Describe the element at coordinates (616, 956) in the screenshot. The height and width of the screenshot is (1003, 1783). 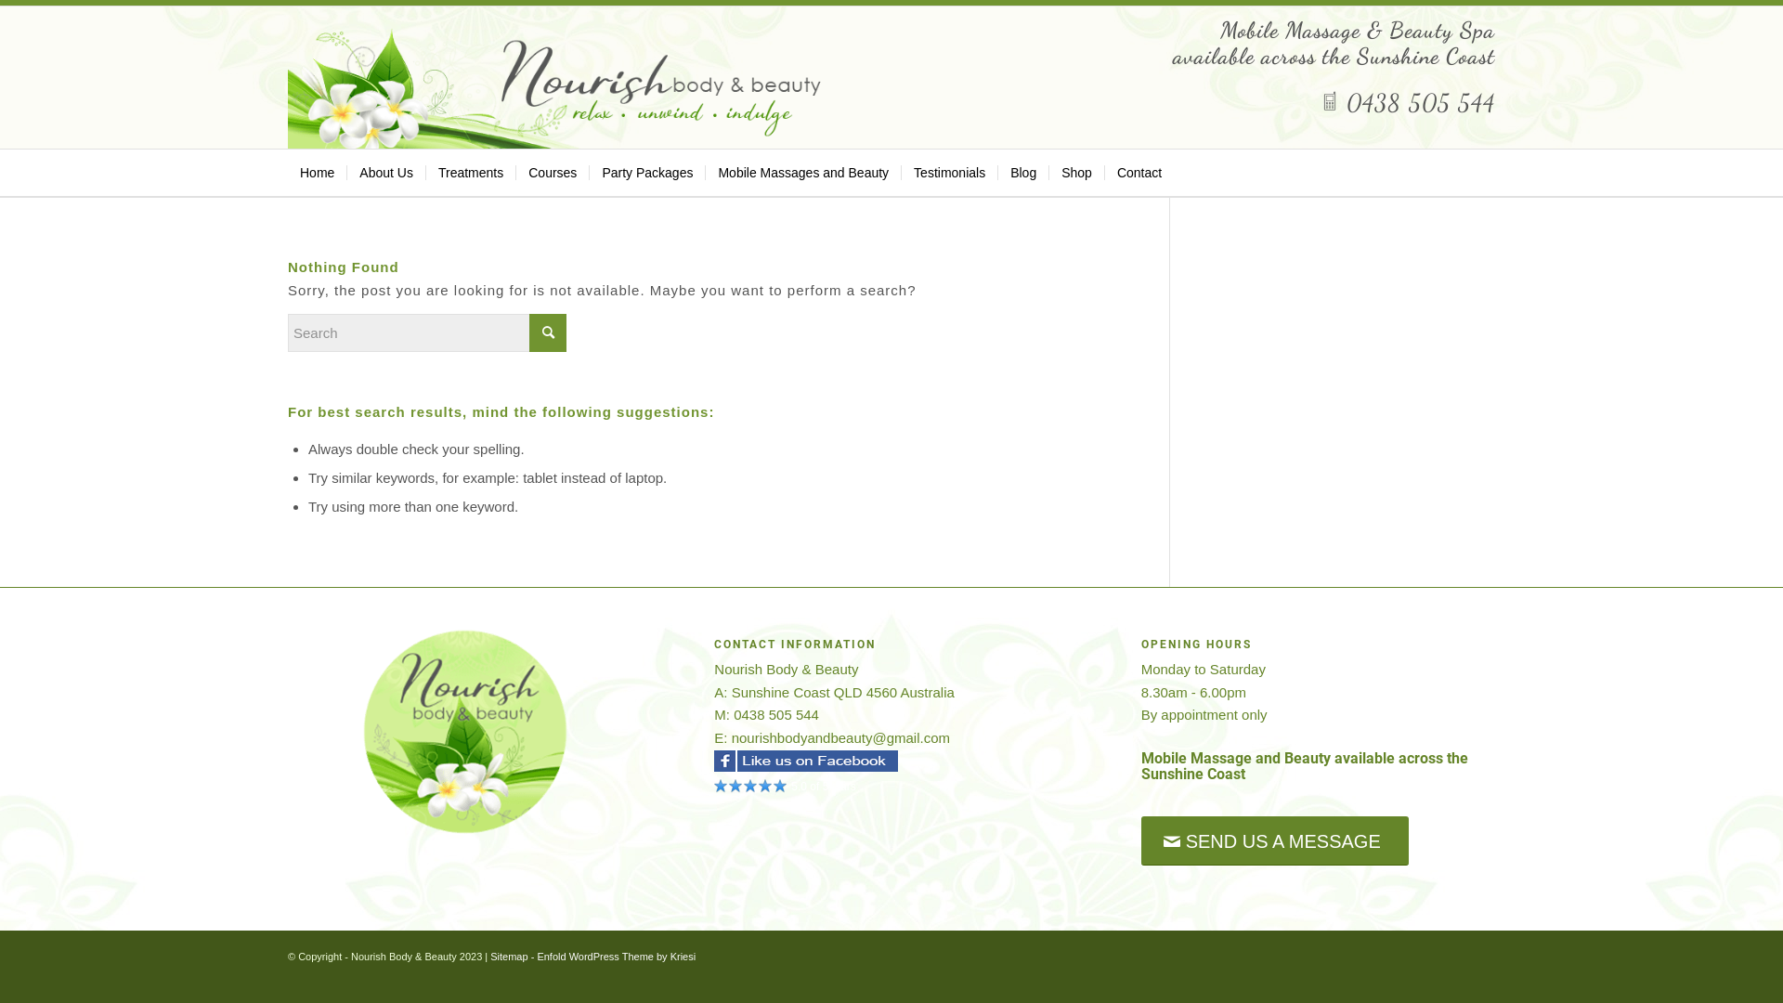
I see `'Enfold WordPress Theme by Kriesi'` at that location.